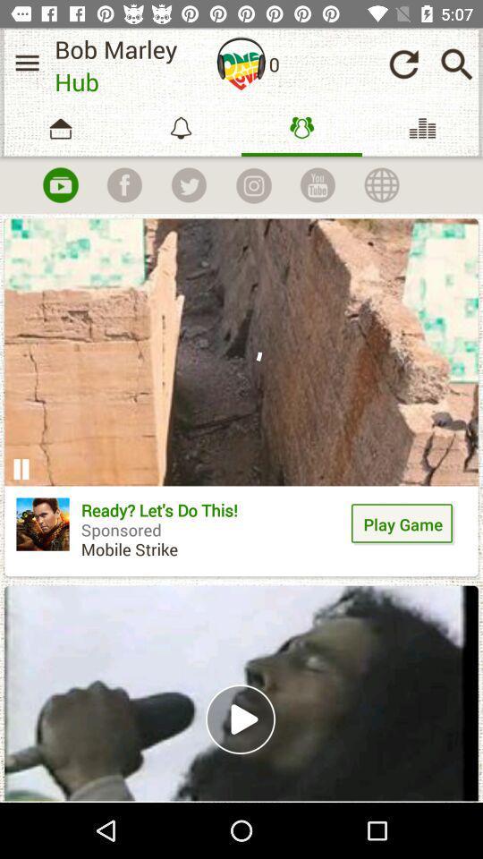  What do you see at coordinates (456, 64) in the screenshot?
I see `open search bar` at bounding box center [456, 64].